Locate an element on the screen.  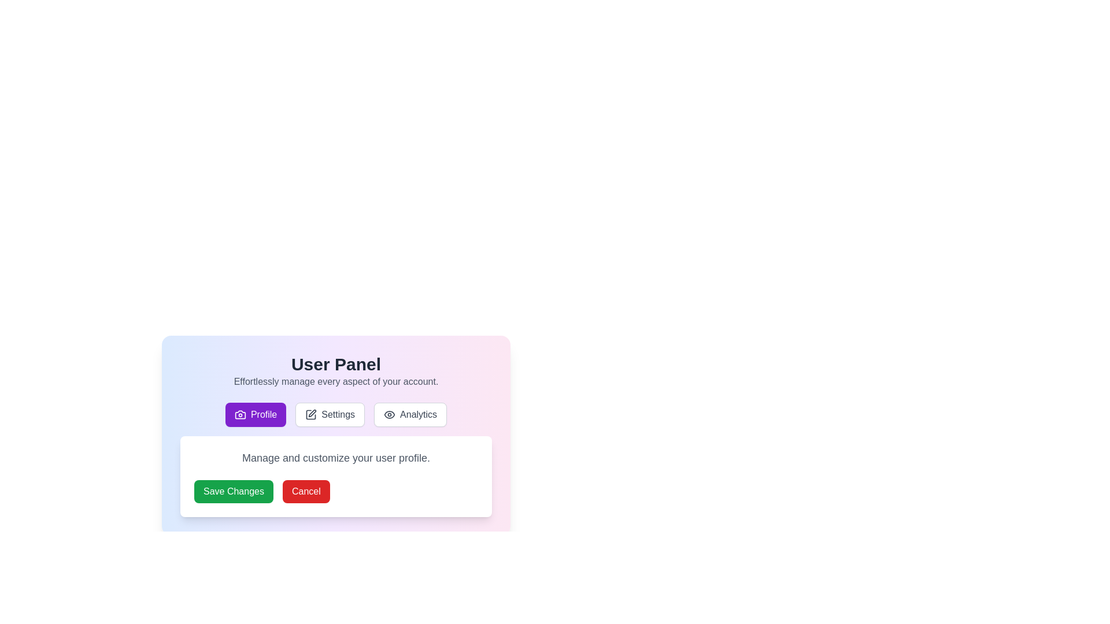
the 'Cancel' button to discard changes is located at coordinates (306, 492).